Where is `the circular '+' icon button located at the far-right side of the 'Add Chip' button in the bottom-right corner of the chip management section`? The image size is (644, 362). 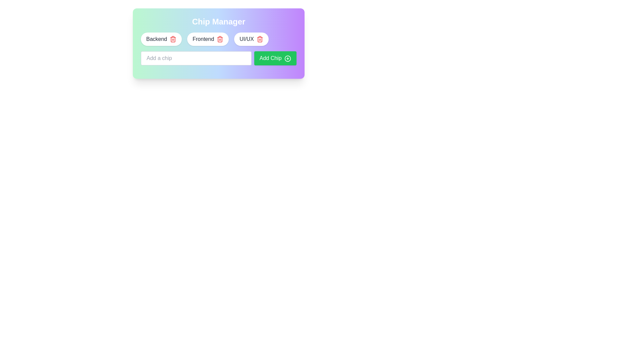 the circular '+' icon button located at the far-right side of the 'Add Chip' button in the bottom-right corner of the chip management section is located at coordinates (288, 58).